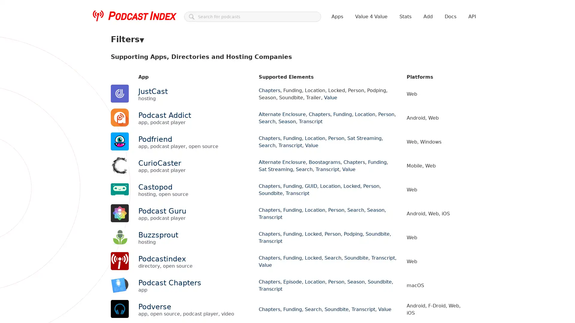 The height and width of the screenshot is (323, 575). I want to click on Season, so click(141, 102).